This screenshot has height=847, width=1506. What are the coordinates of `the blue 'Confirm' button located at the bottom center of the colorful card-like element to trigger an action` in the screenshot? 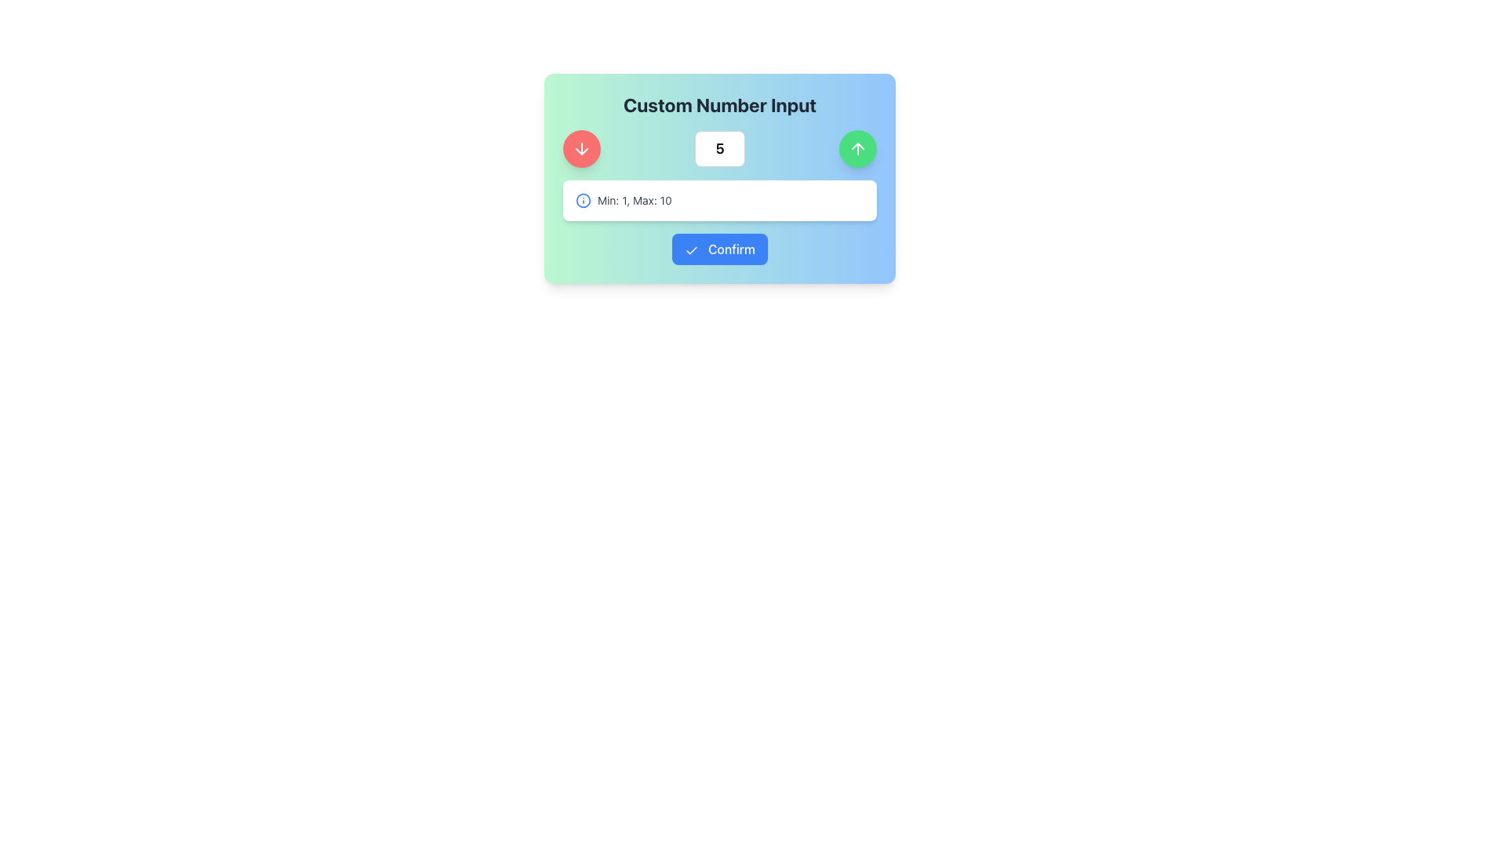 It's located at (718, 248).